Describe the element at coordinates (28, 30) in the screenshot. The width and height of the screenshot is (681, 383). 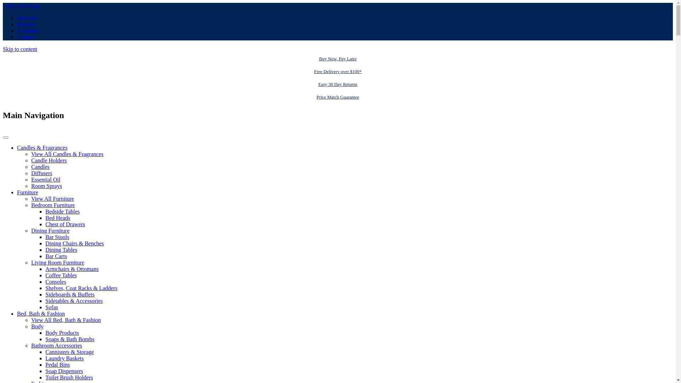
I see `'Locations'` at that location.